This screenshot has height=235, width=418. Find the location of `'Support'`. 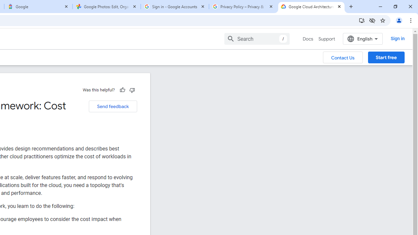

'Support' is located at coordinates (327, 39).